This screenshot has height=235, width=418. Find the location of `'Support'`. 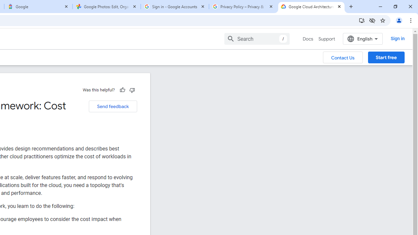

'Support' is located at coordinates (327, 39).